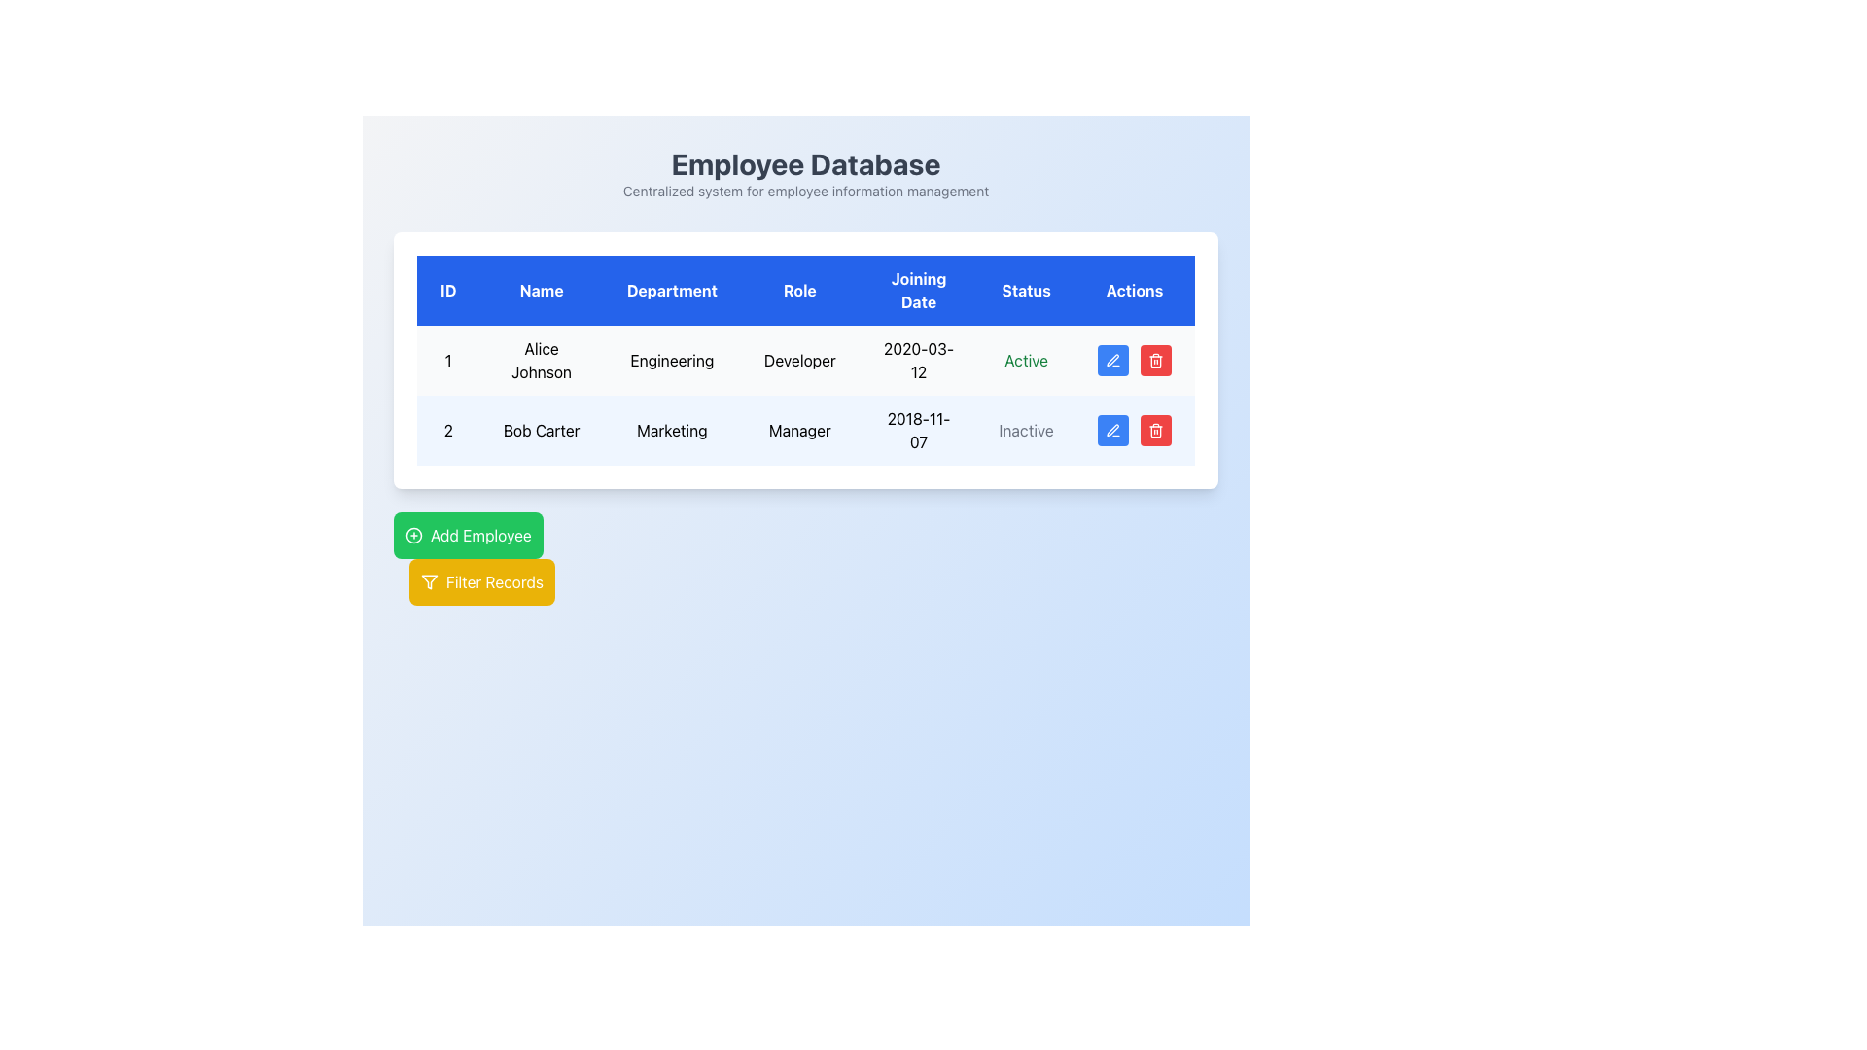  Describe the element at coordinates (806, 163) in the screenshot. I see `the text label displaying 'Employee Database' which is centrally aligned at the top of the page in bold, large font style` at that location.